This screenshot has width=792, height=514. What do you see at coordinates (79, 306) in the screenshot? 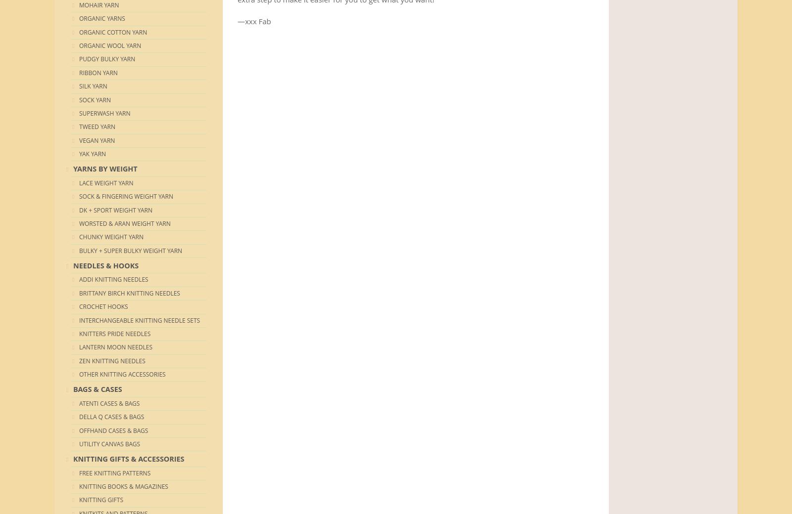
I see `'Crochet Hooks'` at bounding box center [79, 306].